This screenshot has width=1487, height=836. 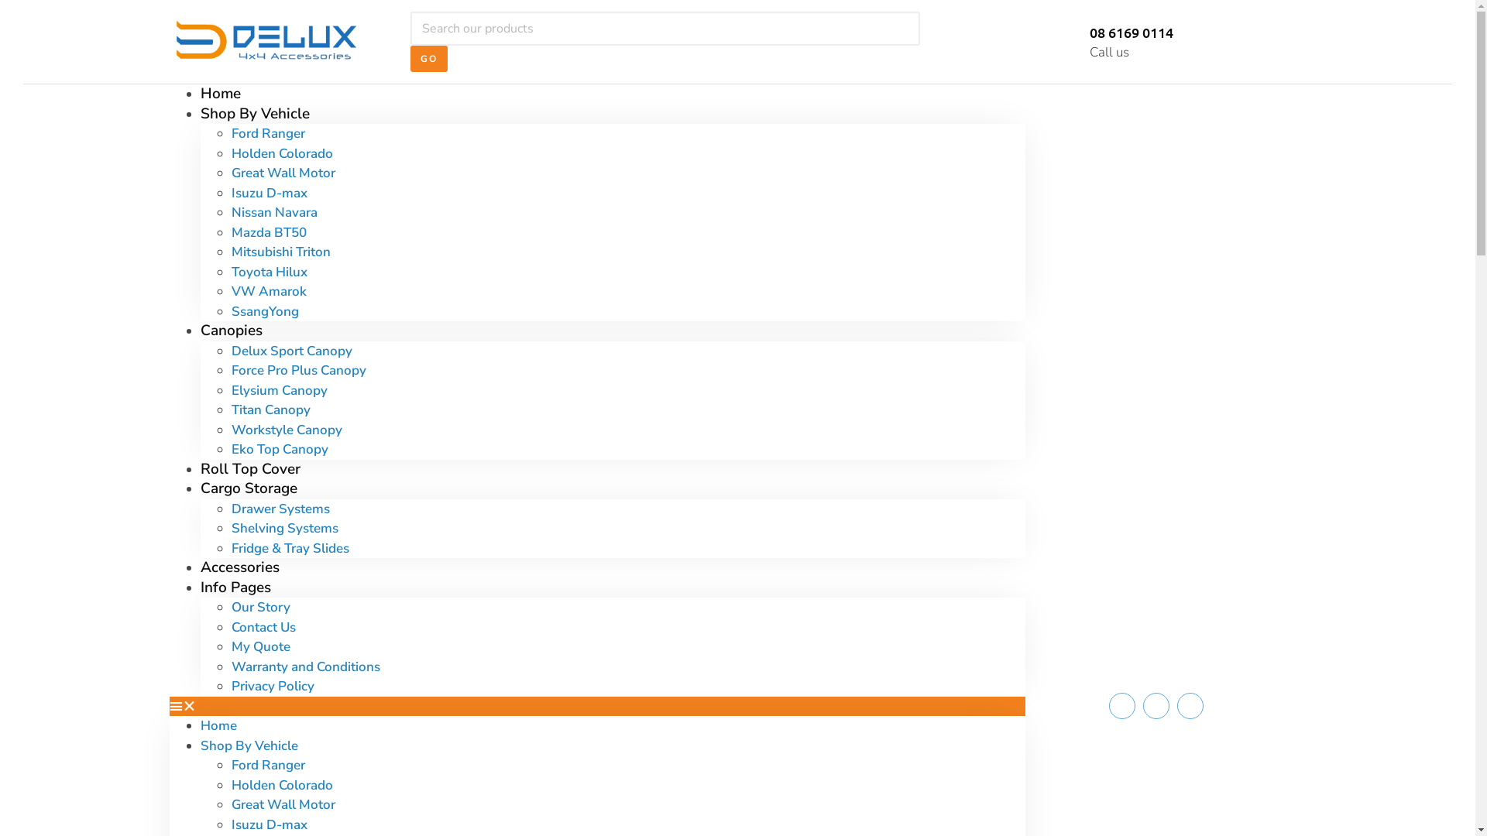 What do you see at coordinates (268, 192) in the screenshot?
I see `'Isuzu D-max'` at bounding box center [268, 192].